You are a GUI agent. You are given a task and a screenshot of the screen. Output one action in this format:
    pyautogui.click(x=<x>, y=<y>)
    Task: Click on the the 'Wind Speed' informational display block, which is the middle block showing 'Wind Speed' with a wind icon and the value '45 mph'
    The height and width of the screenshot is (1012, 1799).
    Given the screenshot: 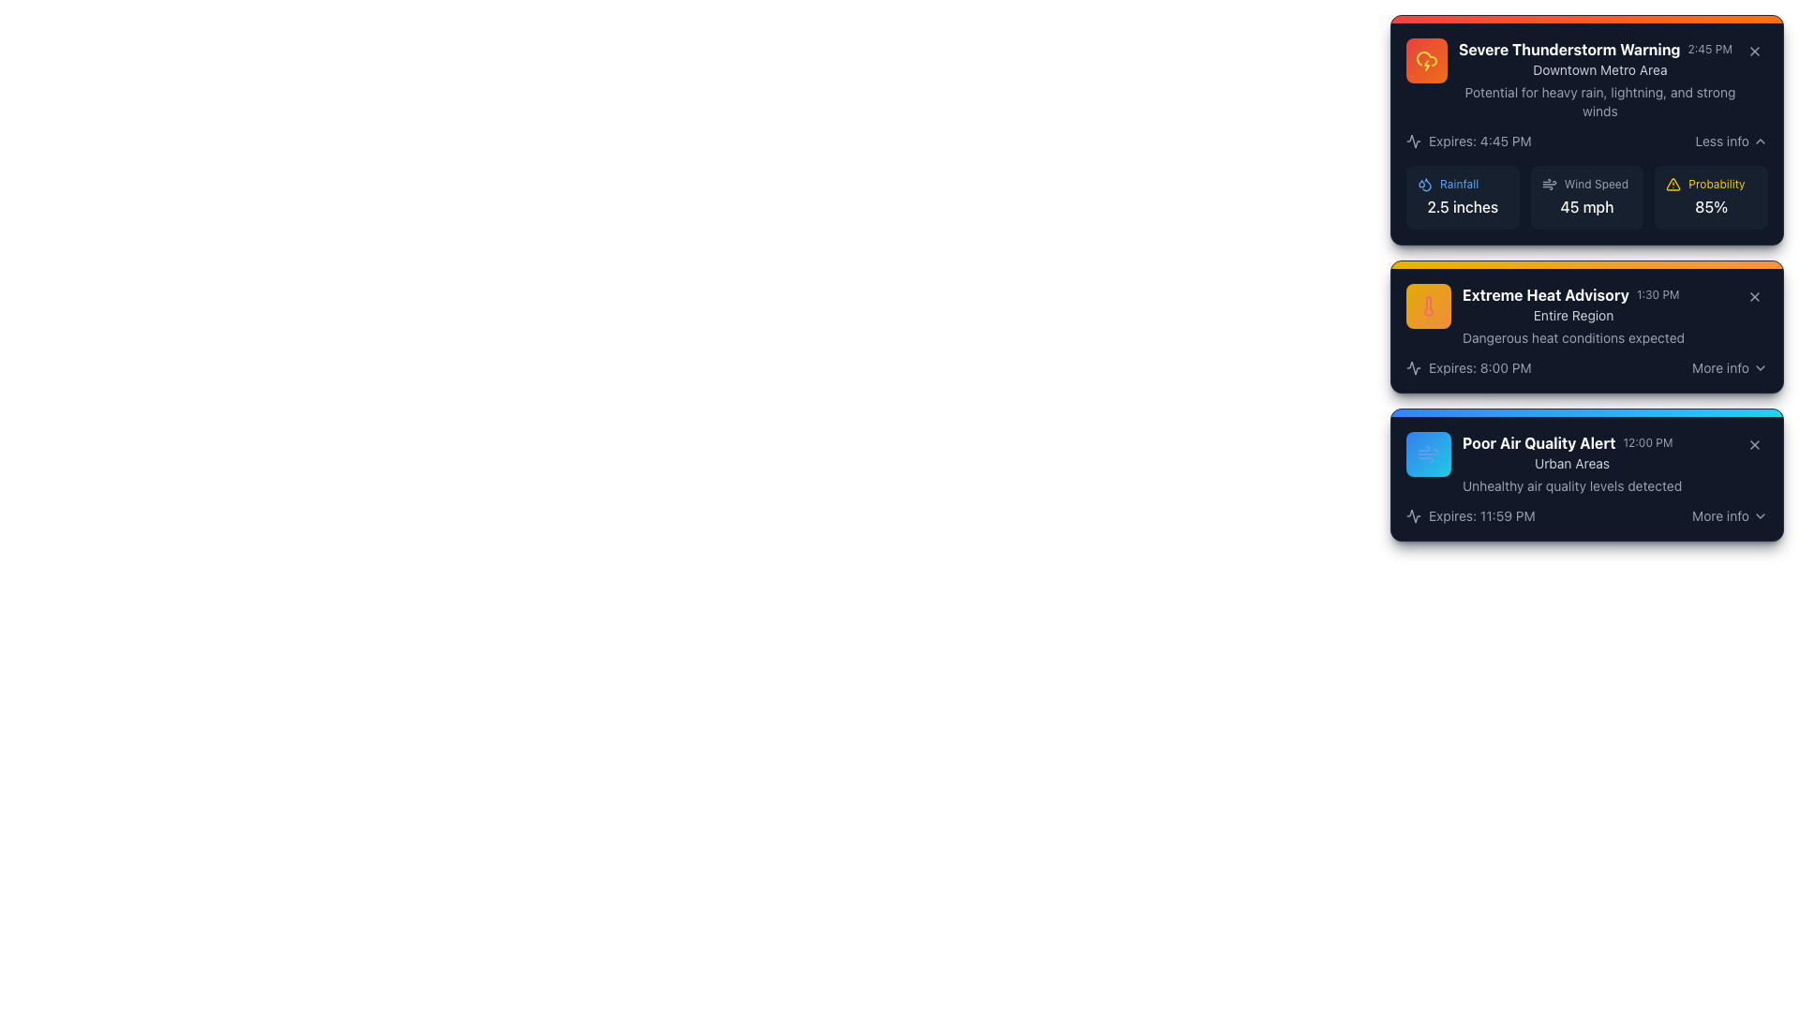 What is the action you would take?
    pyautogui.click(x=1586, y=198)
    